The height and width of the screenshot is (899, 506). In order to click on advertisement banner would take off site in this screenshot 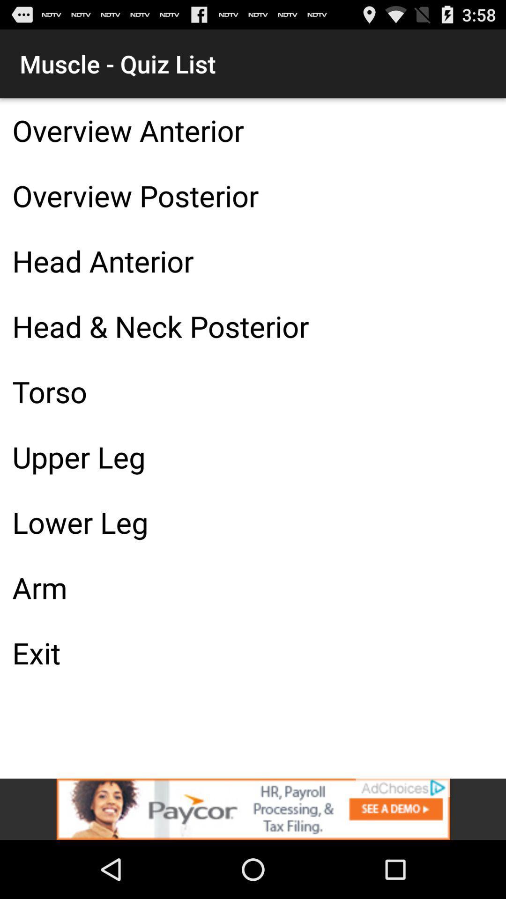, I will do `click(253, 809)`.